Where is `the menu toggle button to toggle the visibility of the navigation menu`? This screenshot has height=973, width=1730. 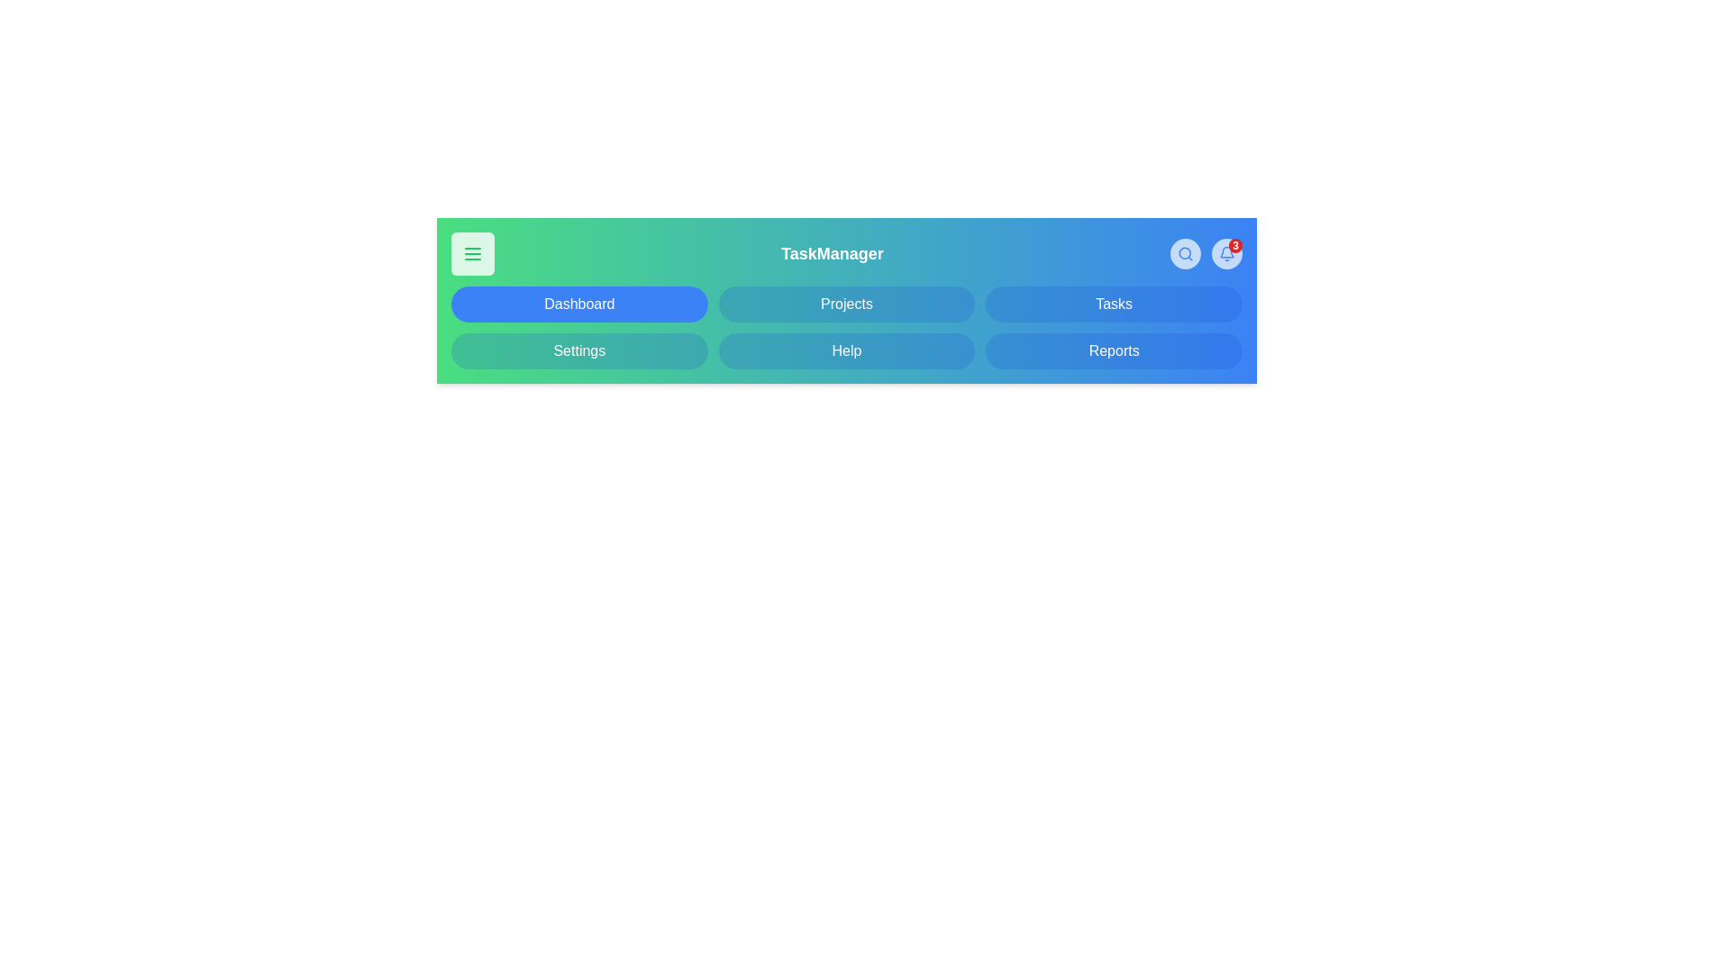
the menu toggle button to toggle the visibility of the navigation menu is located at coordinates (472, 253).